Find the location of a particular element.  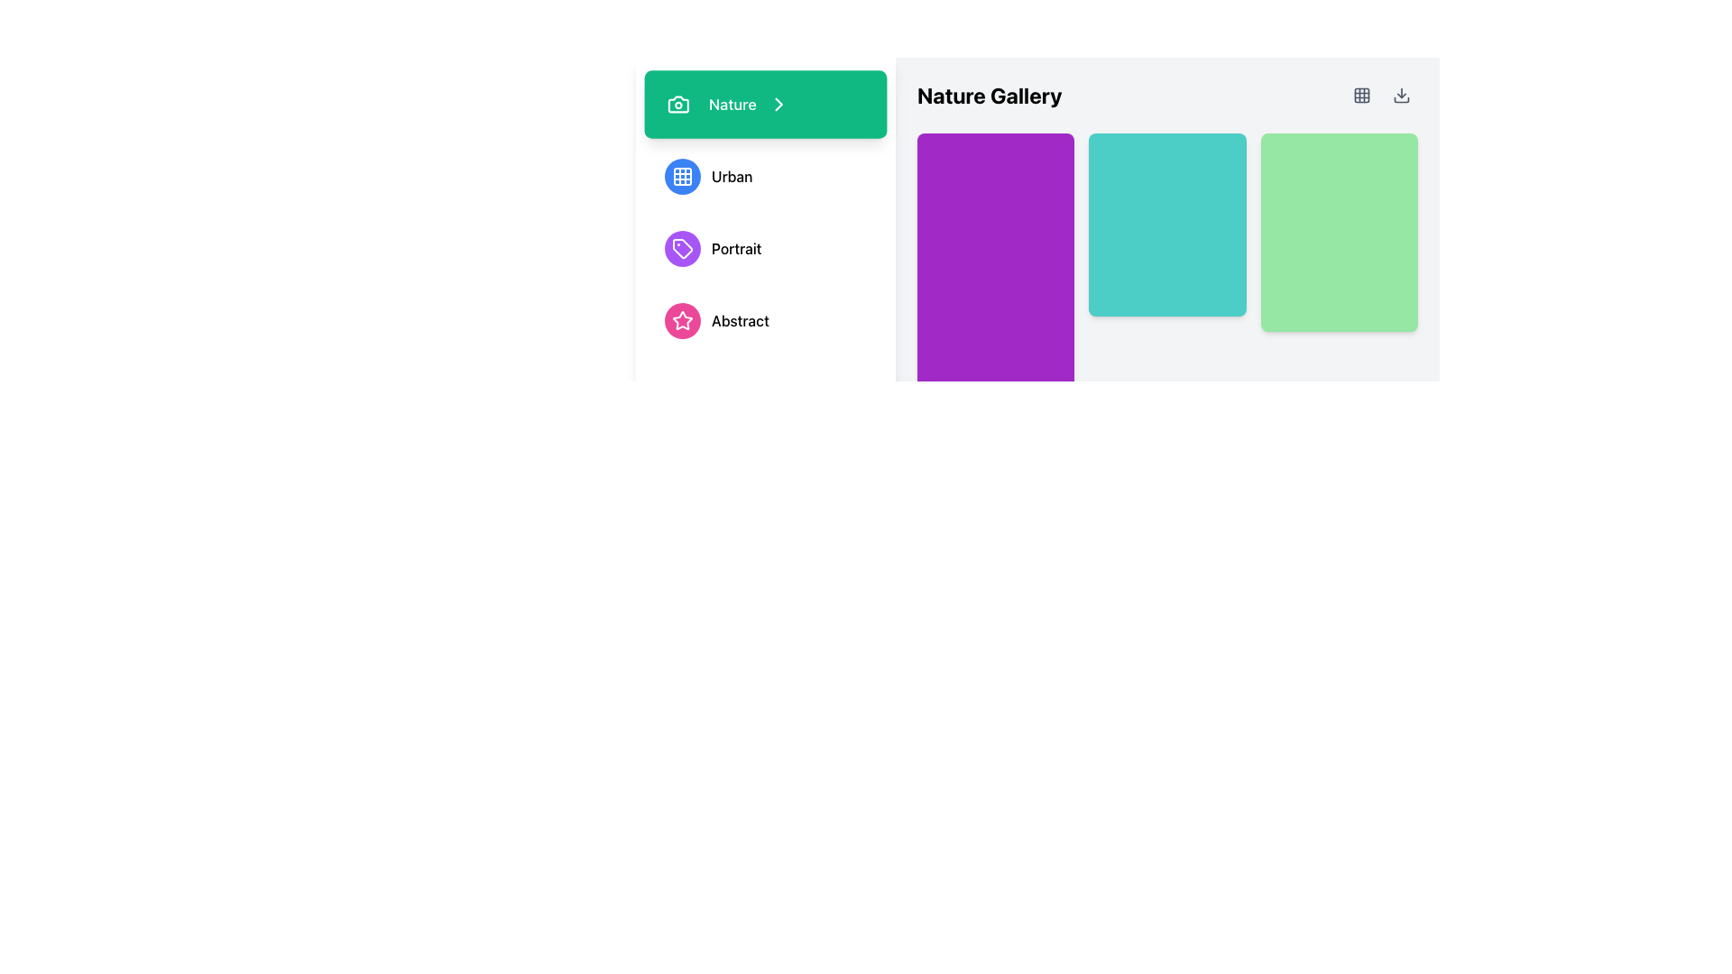

the 'Nature' button located in the left navigation section, which contains a minimalist camera icon and a right-pointing arrow is located at coordinates (677, 104).